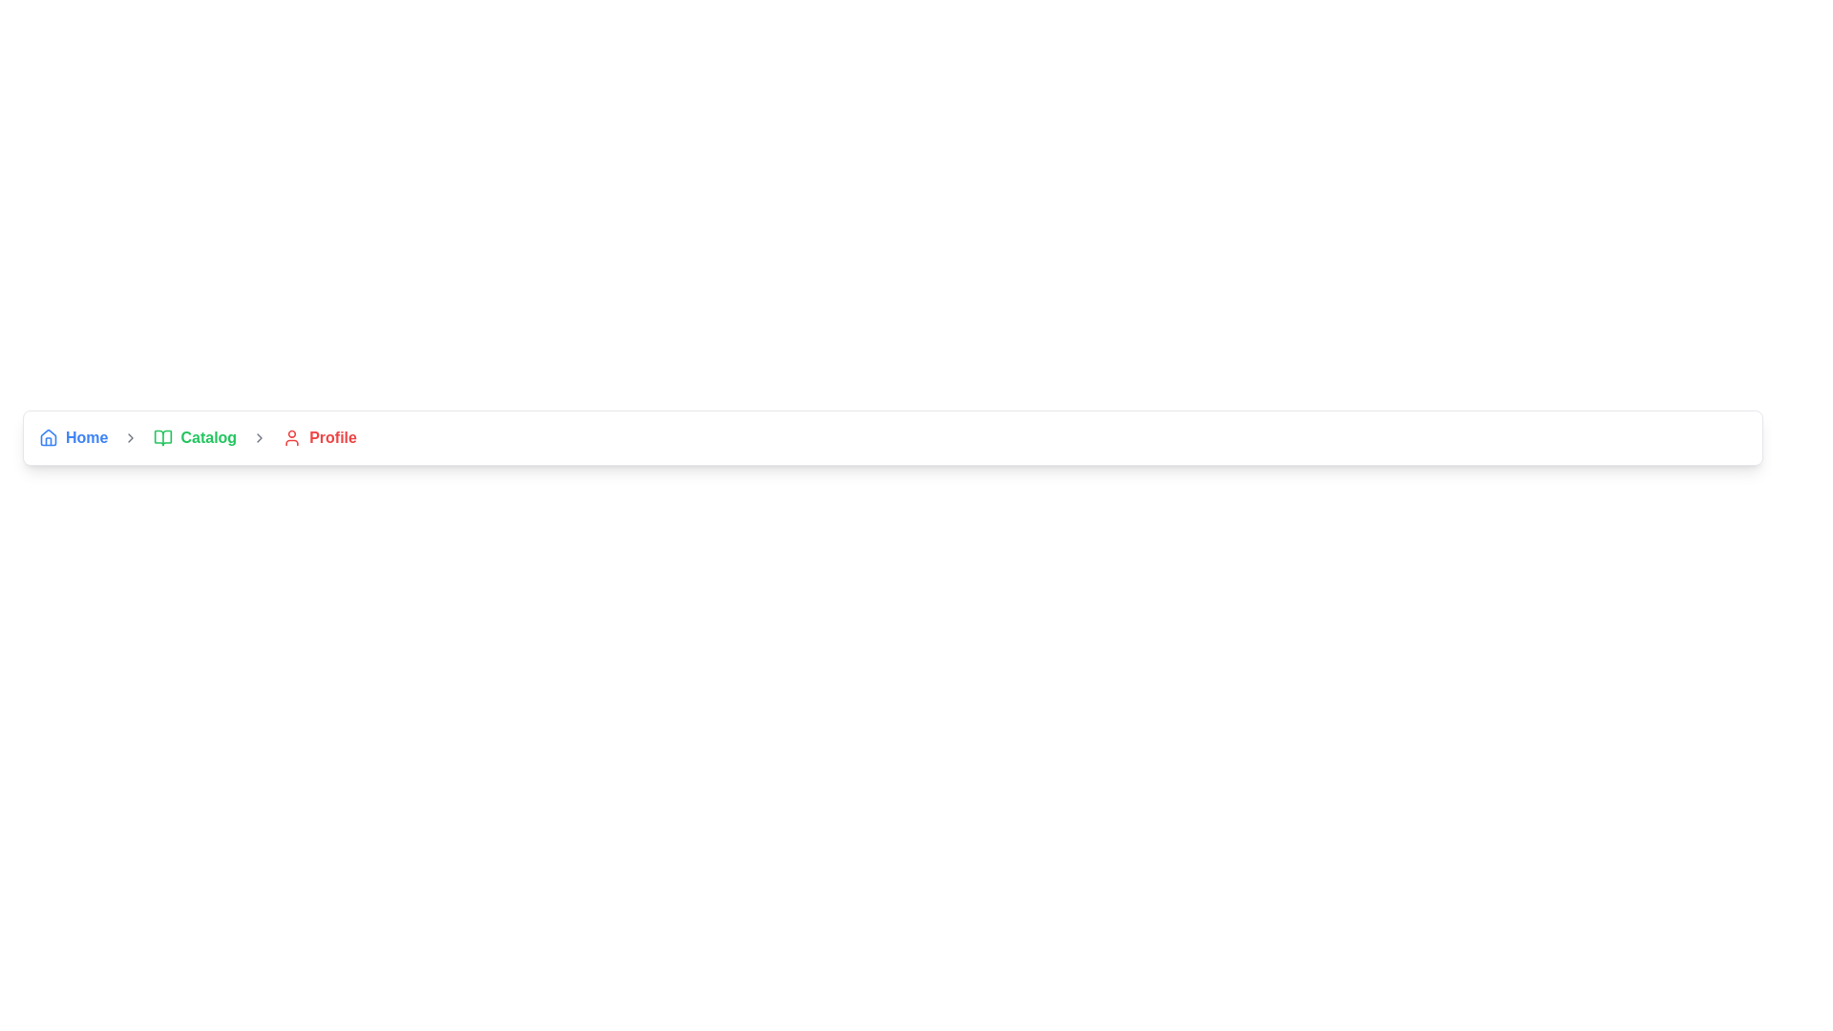 Image resolution: width=1833 pixels, height=1031 pixels. What do you see at coordinates (86, 438) in the screenshot?
I see `the 'Home' clickable link in the navigation bar to change its color to a darker blue` at bounding box center [86, 438].